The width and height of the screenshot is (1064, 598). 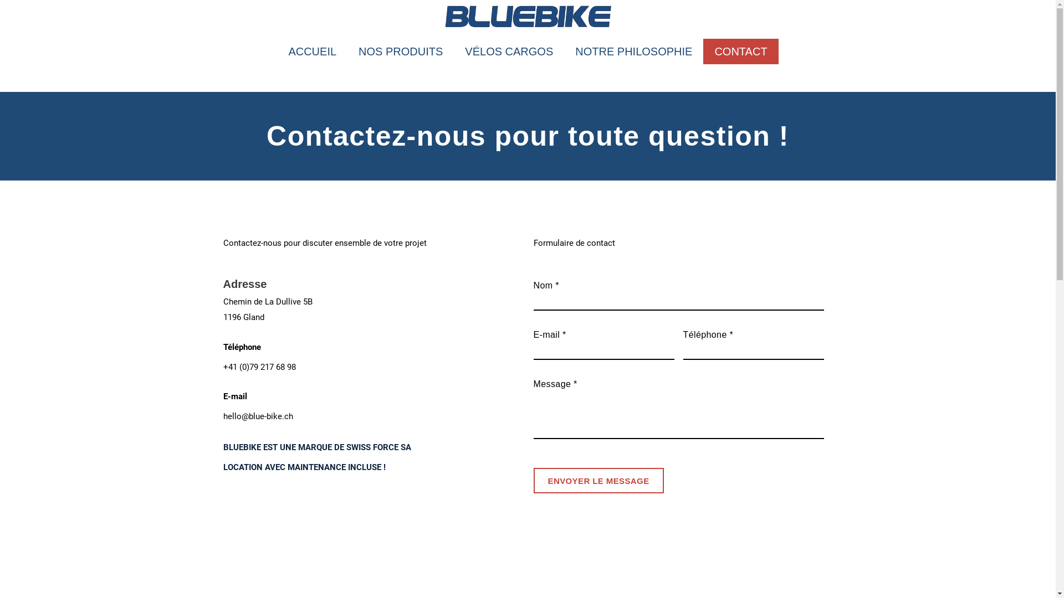 What do you see at coordinates (740, 51) in the screenshot?
I see `'CONTACT'` at bounding box center [740, 51].